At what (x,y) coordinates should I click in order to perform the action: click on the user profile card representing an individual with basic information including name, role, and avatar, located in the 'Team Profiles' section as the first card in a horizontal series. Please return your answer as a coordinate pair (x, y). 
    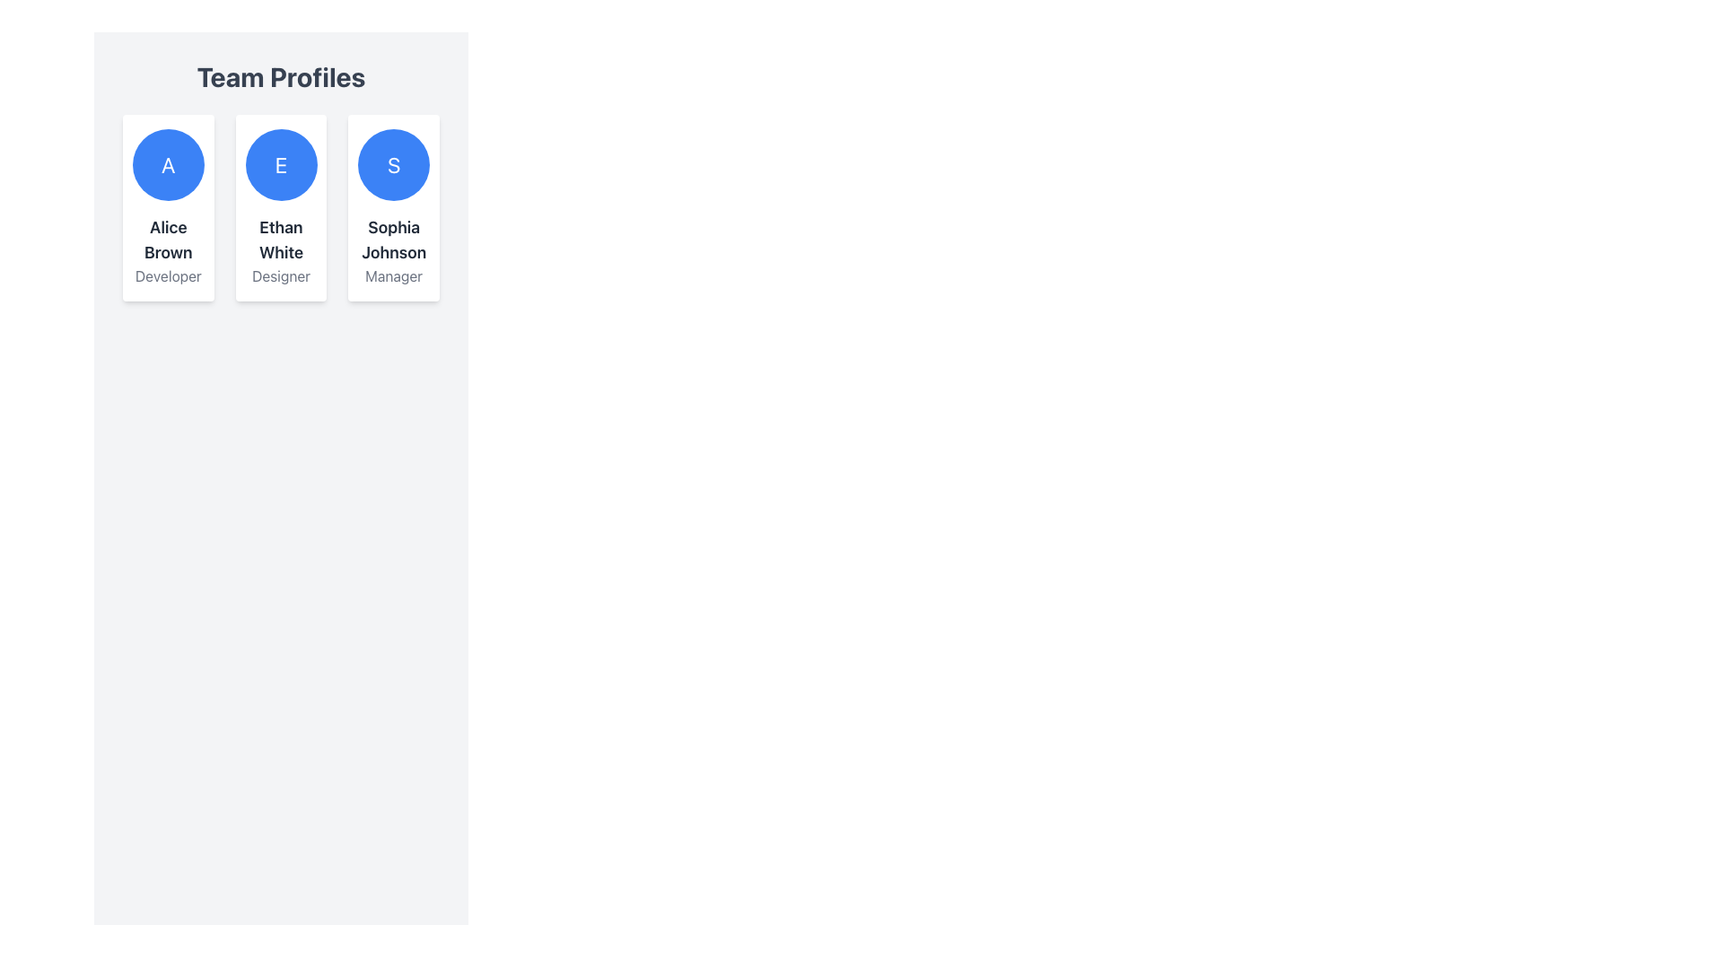
    Looking at the image, I should click on (168, 206).